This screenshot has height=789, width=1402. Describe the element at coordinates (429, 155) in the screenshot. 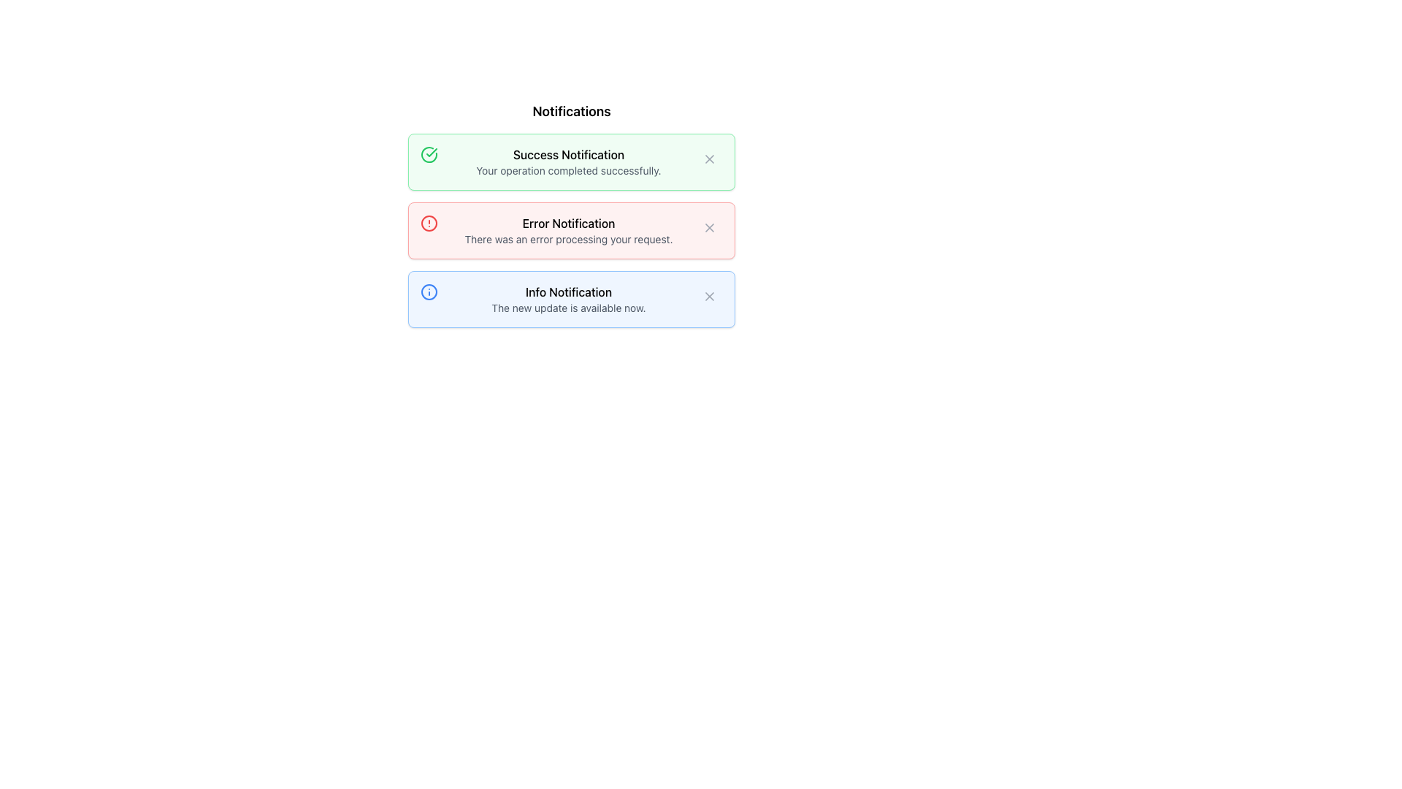

I see `the green circular checkmark icon located in the upper notification box of the success notification` at that location.